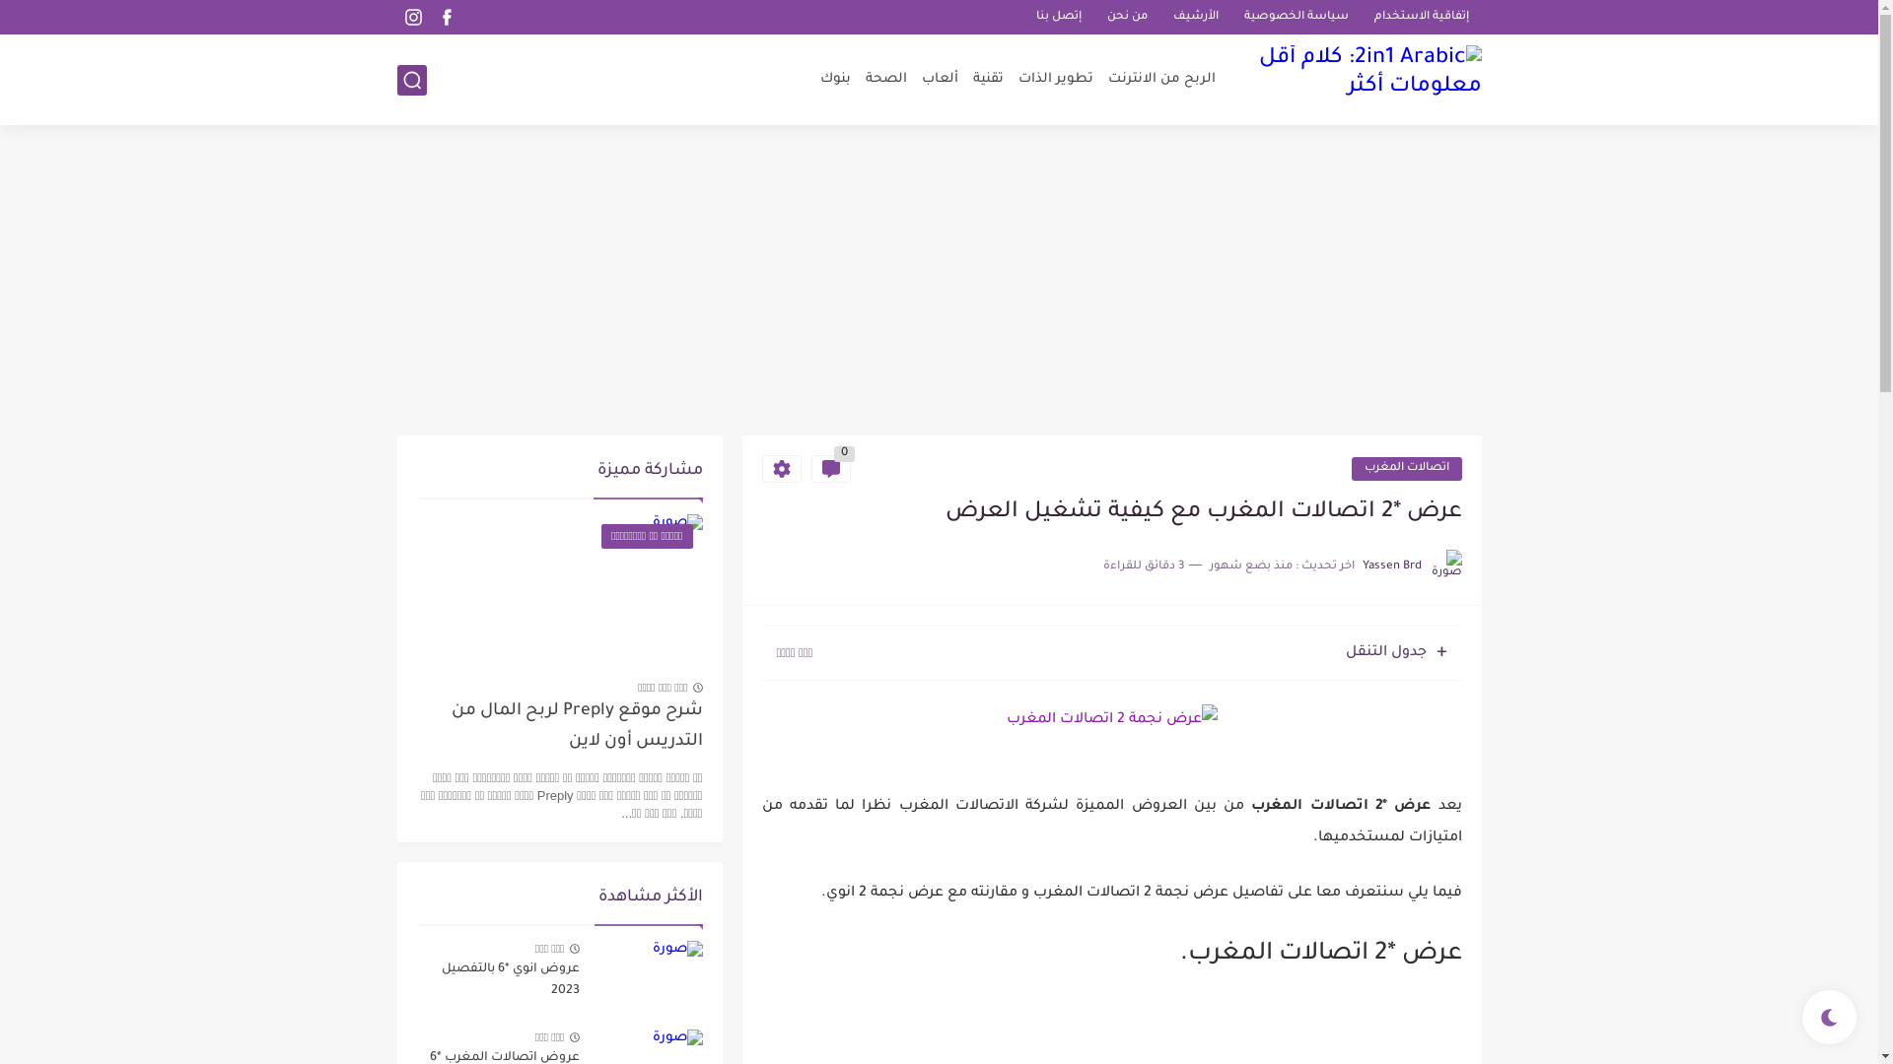 The height and width of the screenshot is (1064, 1893). What do you see at coordinates (395, 282) in the screenshot?
I see `'Advertisement'` at bounding box center [395, 282].